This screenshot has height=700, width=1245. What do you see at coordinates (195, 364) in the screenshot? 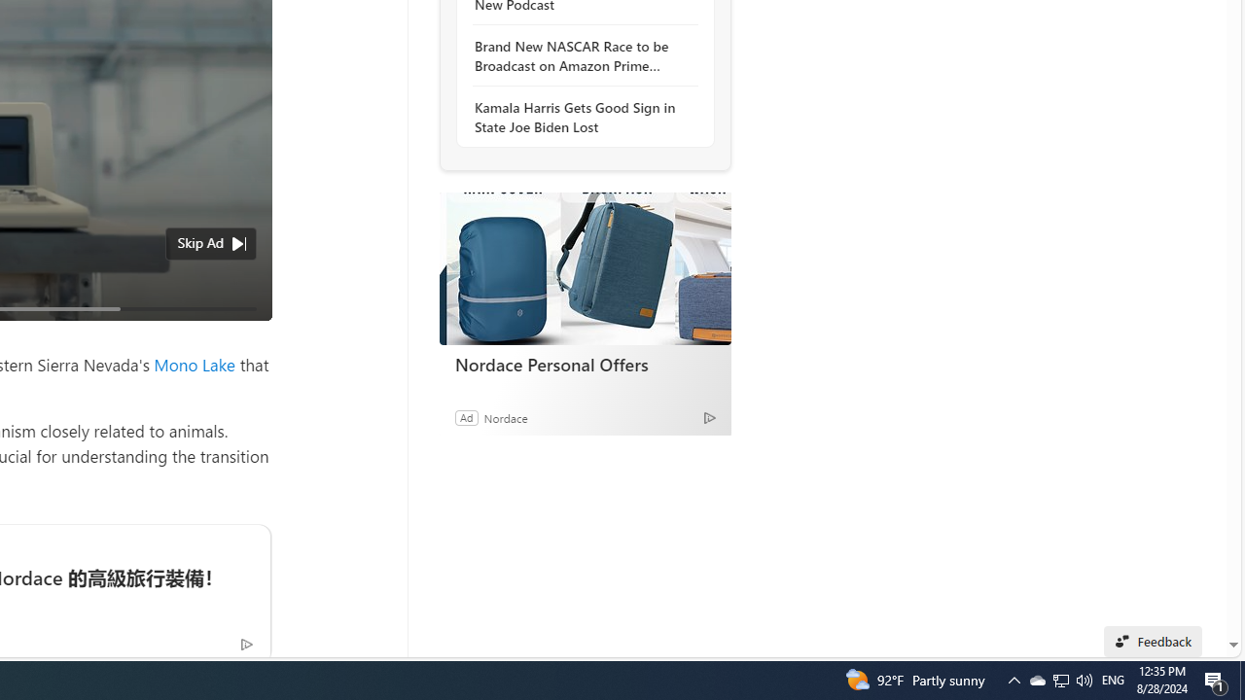
I see `'Mono Lake'` at bounding box center [195, 364].